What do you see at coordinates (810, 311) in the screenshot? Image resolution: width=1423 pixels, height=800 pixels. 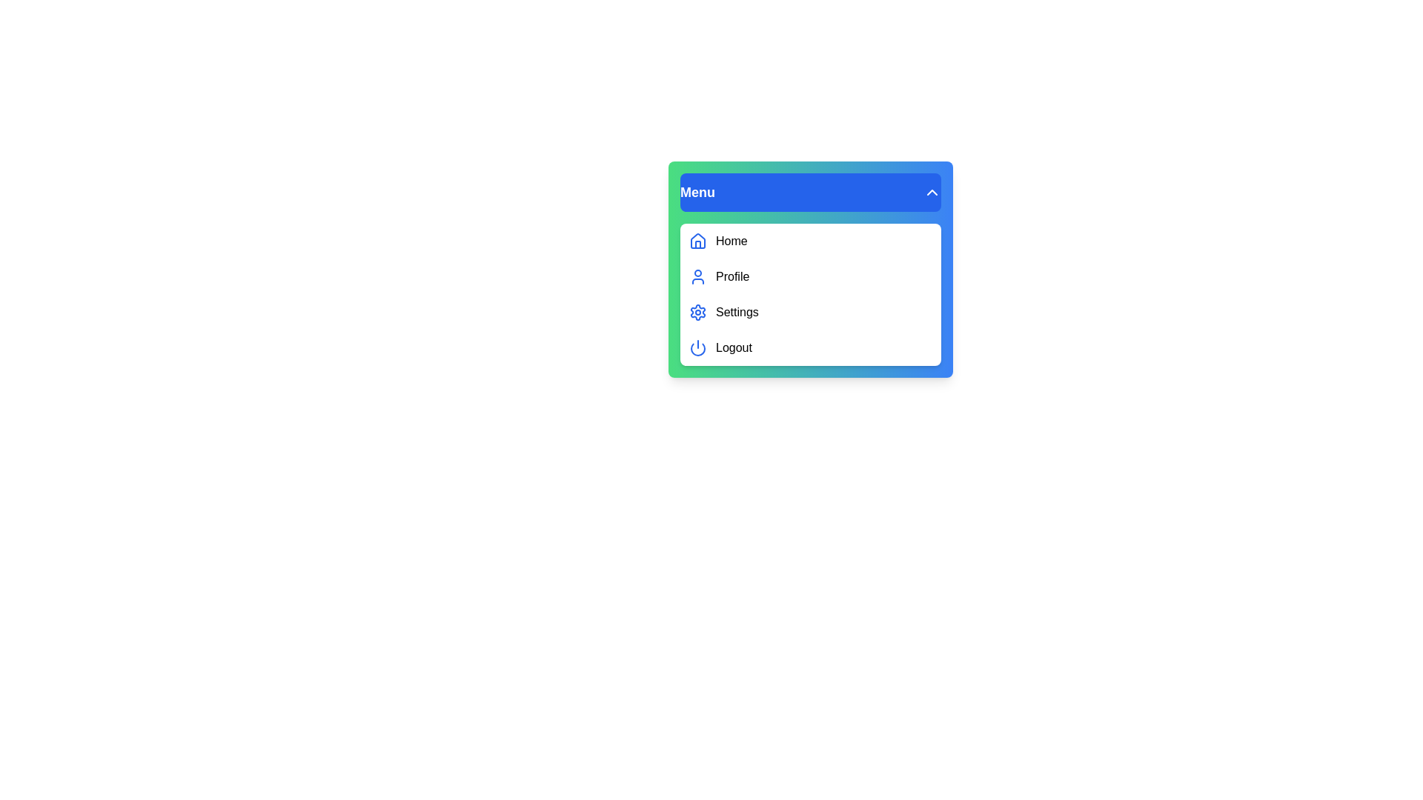 I see `the menu option Settings from the menu` at bounding box center [810, 311].